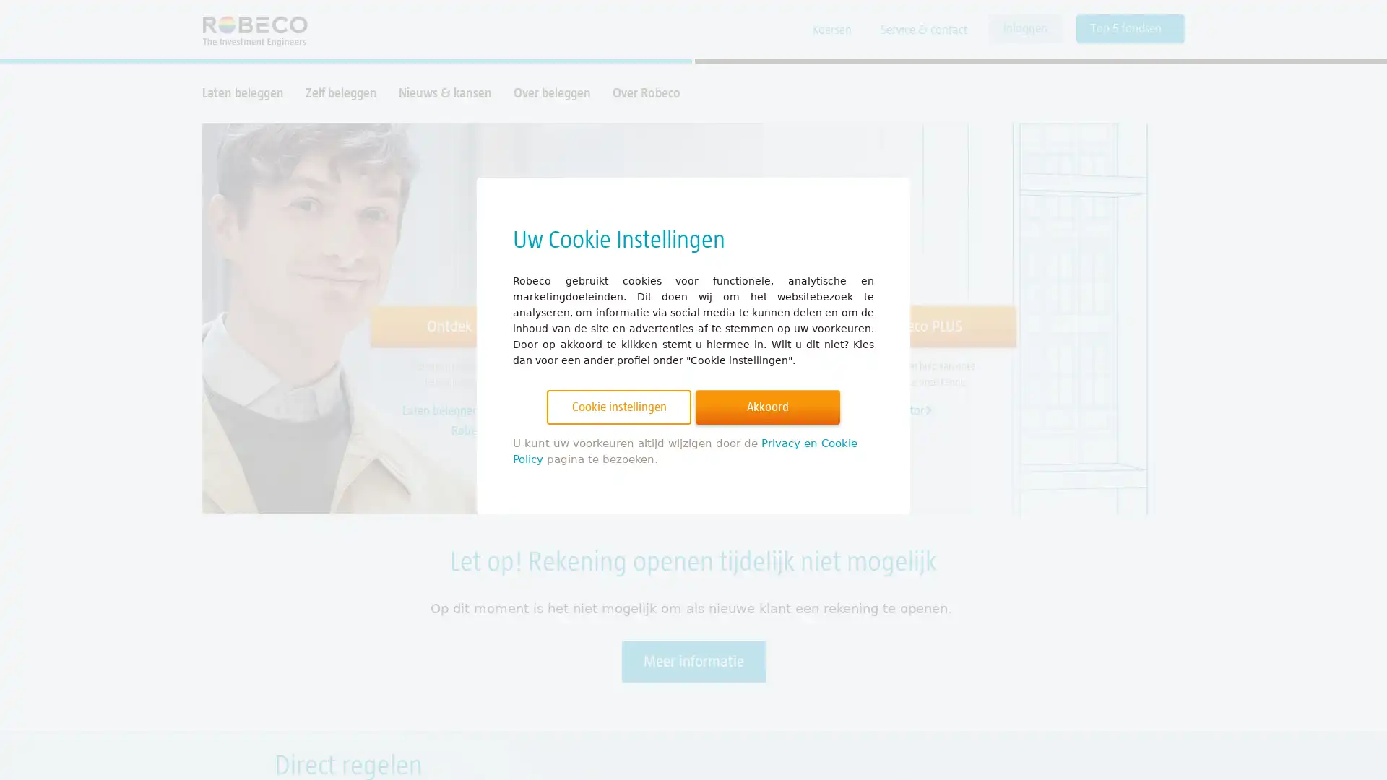  I want to click on Service & contact, so click(922, 30).